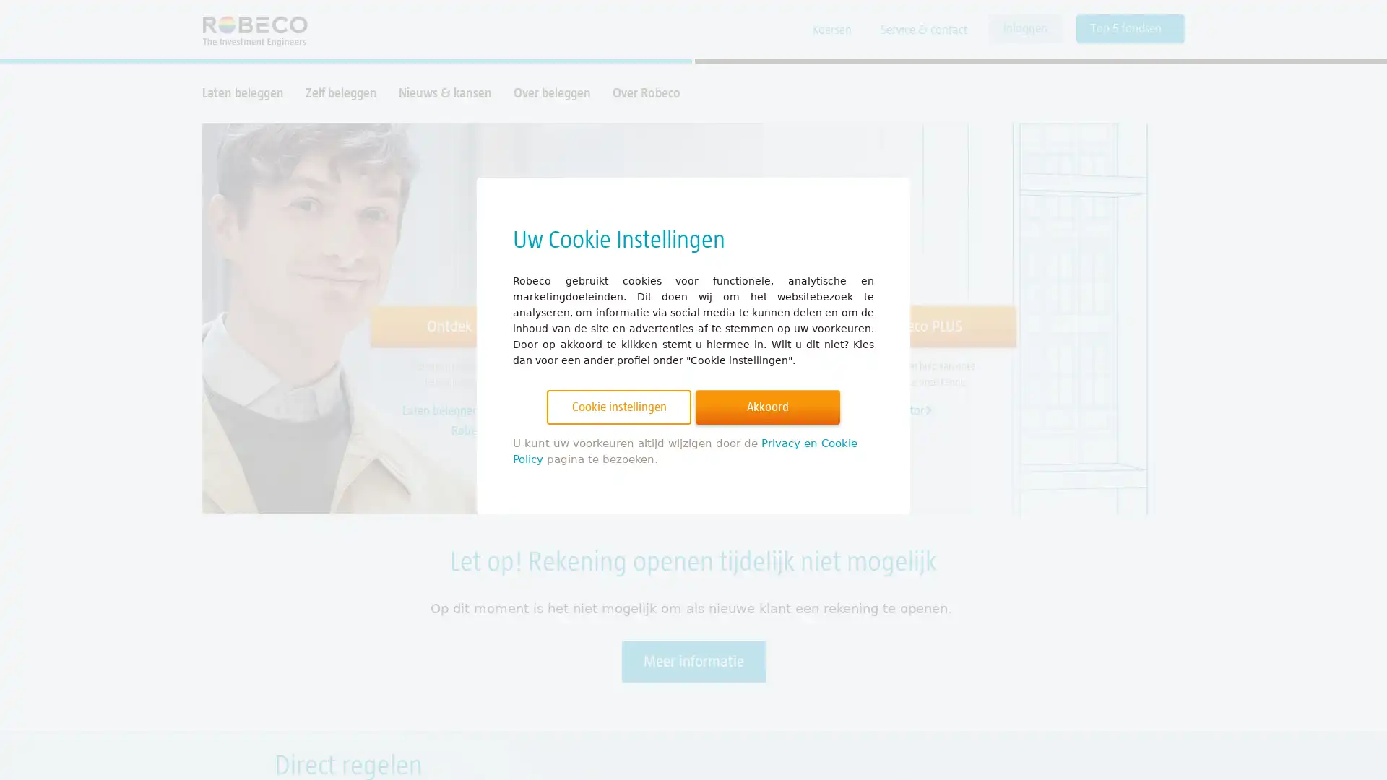  I want to click on Service & contact, so click(922, 30).